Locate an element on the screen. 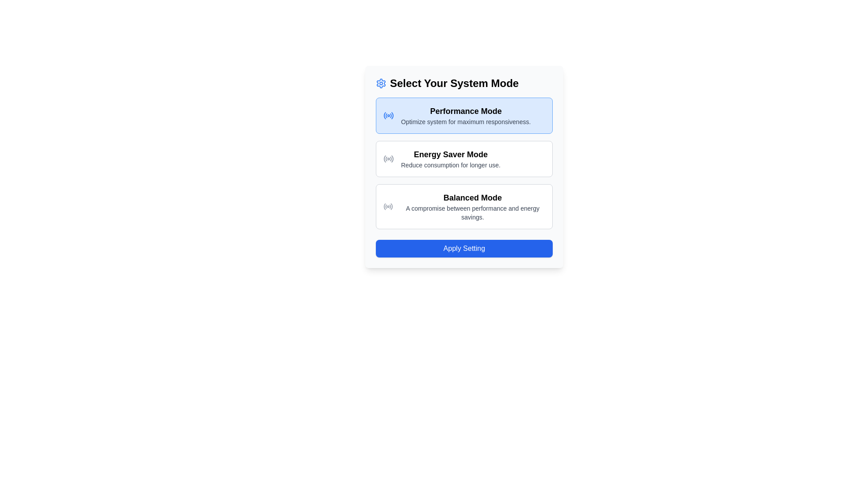 The image size is (849, 477). the fifth segment of the 'Balanced Mode' selection option's radio wave icon, which visually indicates association with network or radio concepts is located at coordinates (391, 206).